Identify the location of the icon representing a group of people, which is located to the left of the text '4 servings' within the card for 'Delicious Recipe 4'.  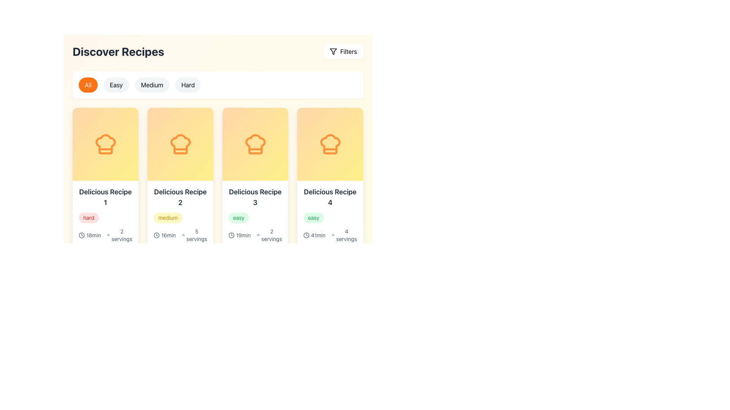
(333, 235).